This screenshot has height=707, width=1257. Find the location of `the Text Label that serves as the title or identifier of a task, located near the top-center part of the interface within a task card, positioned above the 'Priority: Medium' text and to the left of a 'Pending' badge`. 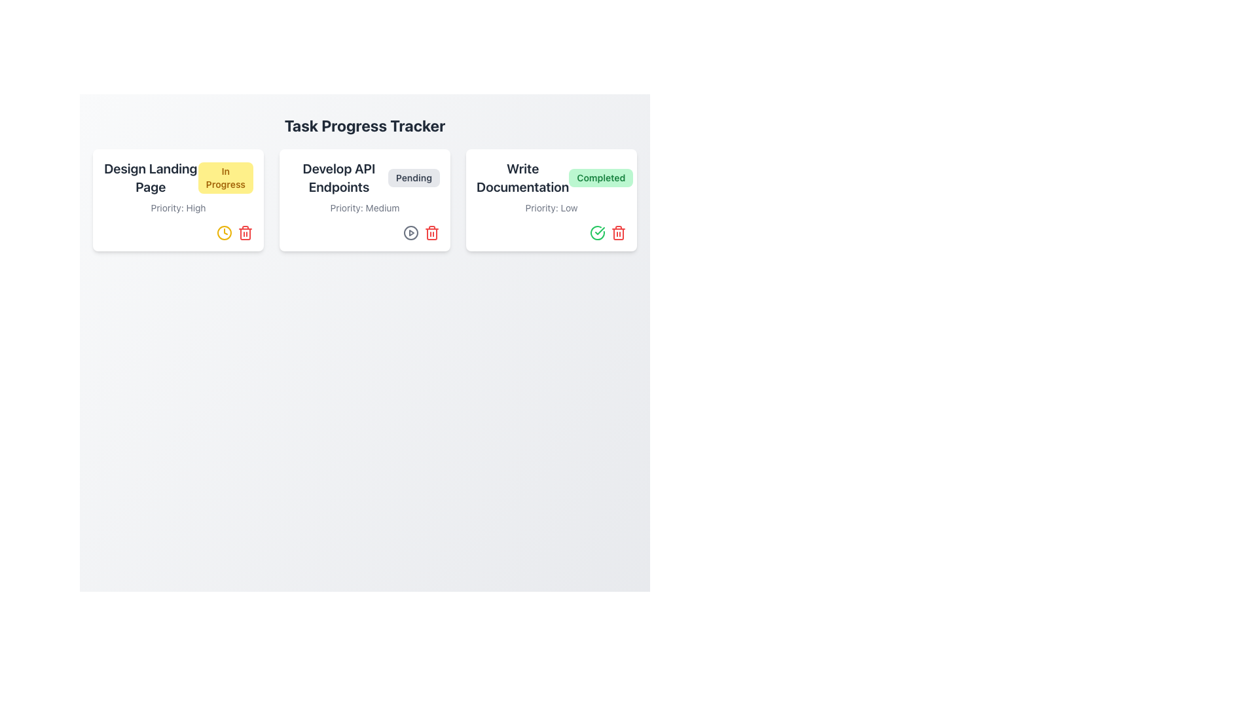

the Text Label that serves as the title or identifier of a task, located near the top-center part of the interface within a task card, positioned above the 'Priority: Medium' text and to the left of a 'Pending' badge is located at coordinates (339, 178).